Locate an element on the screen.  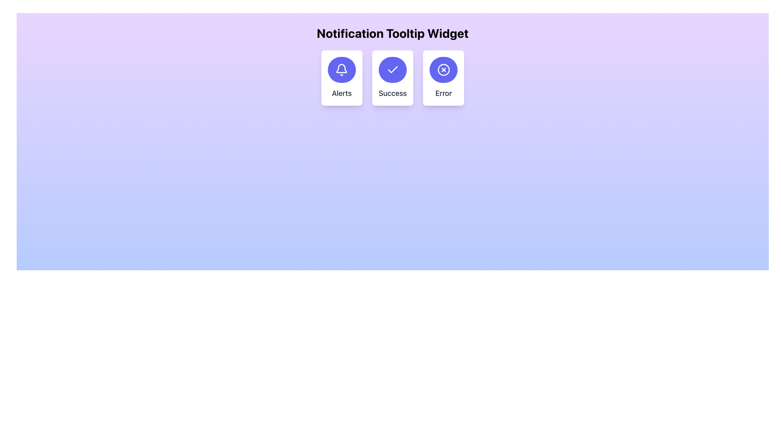
the bell-shaped icon outlined in white, located within a purple circular background, which is the leftmost icon in the 'Alerts' section is located at coordinates (342, 70).